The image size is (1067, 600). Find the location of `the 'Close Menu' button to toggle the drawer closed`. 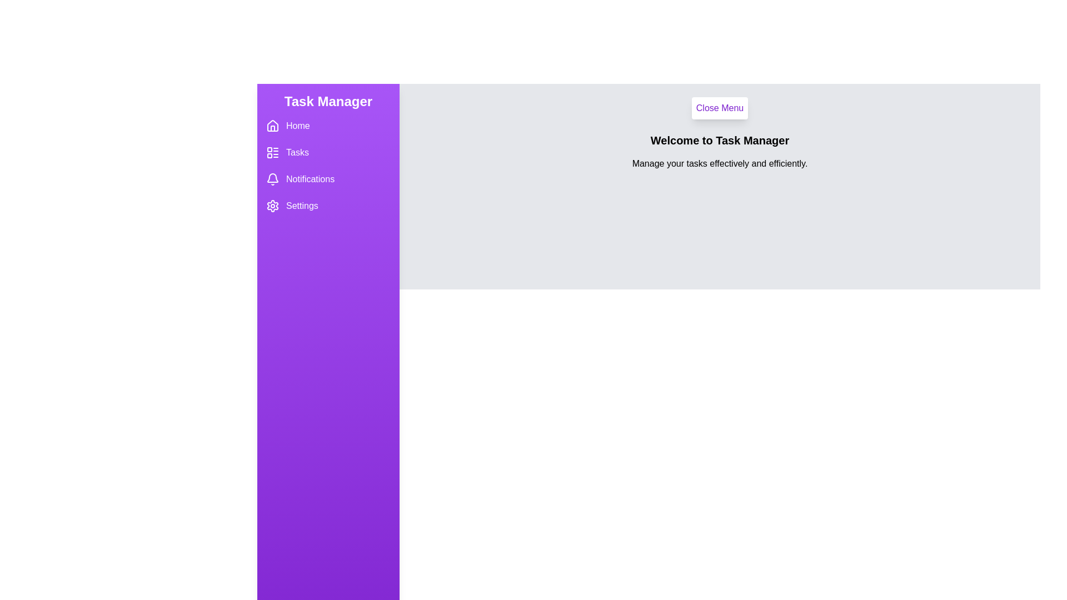

the 'Close Menu' button to toggle the drawer closed is located at coordinates (720, 108).